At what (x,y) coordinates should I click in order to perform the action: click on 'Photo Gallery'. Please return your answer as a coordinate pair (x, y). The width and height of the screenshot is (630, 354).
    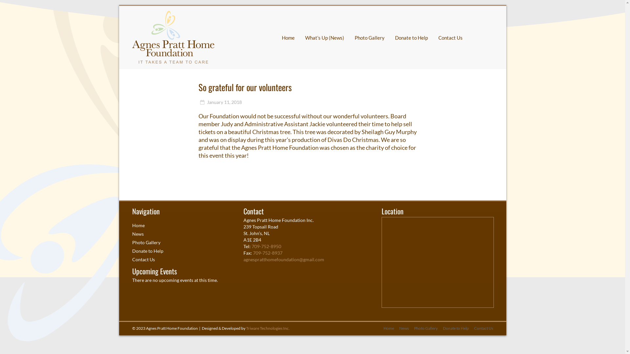
    Looking at the image, I should click on (409, 328).